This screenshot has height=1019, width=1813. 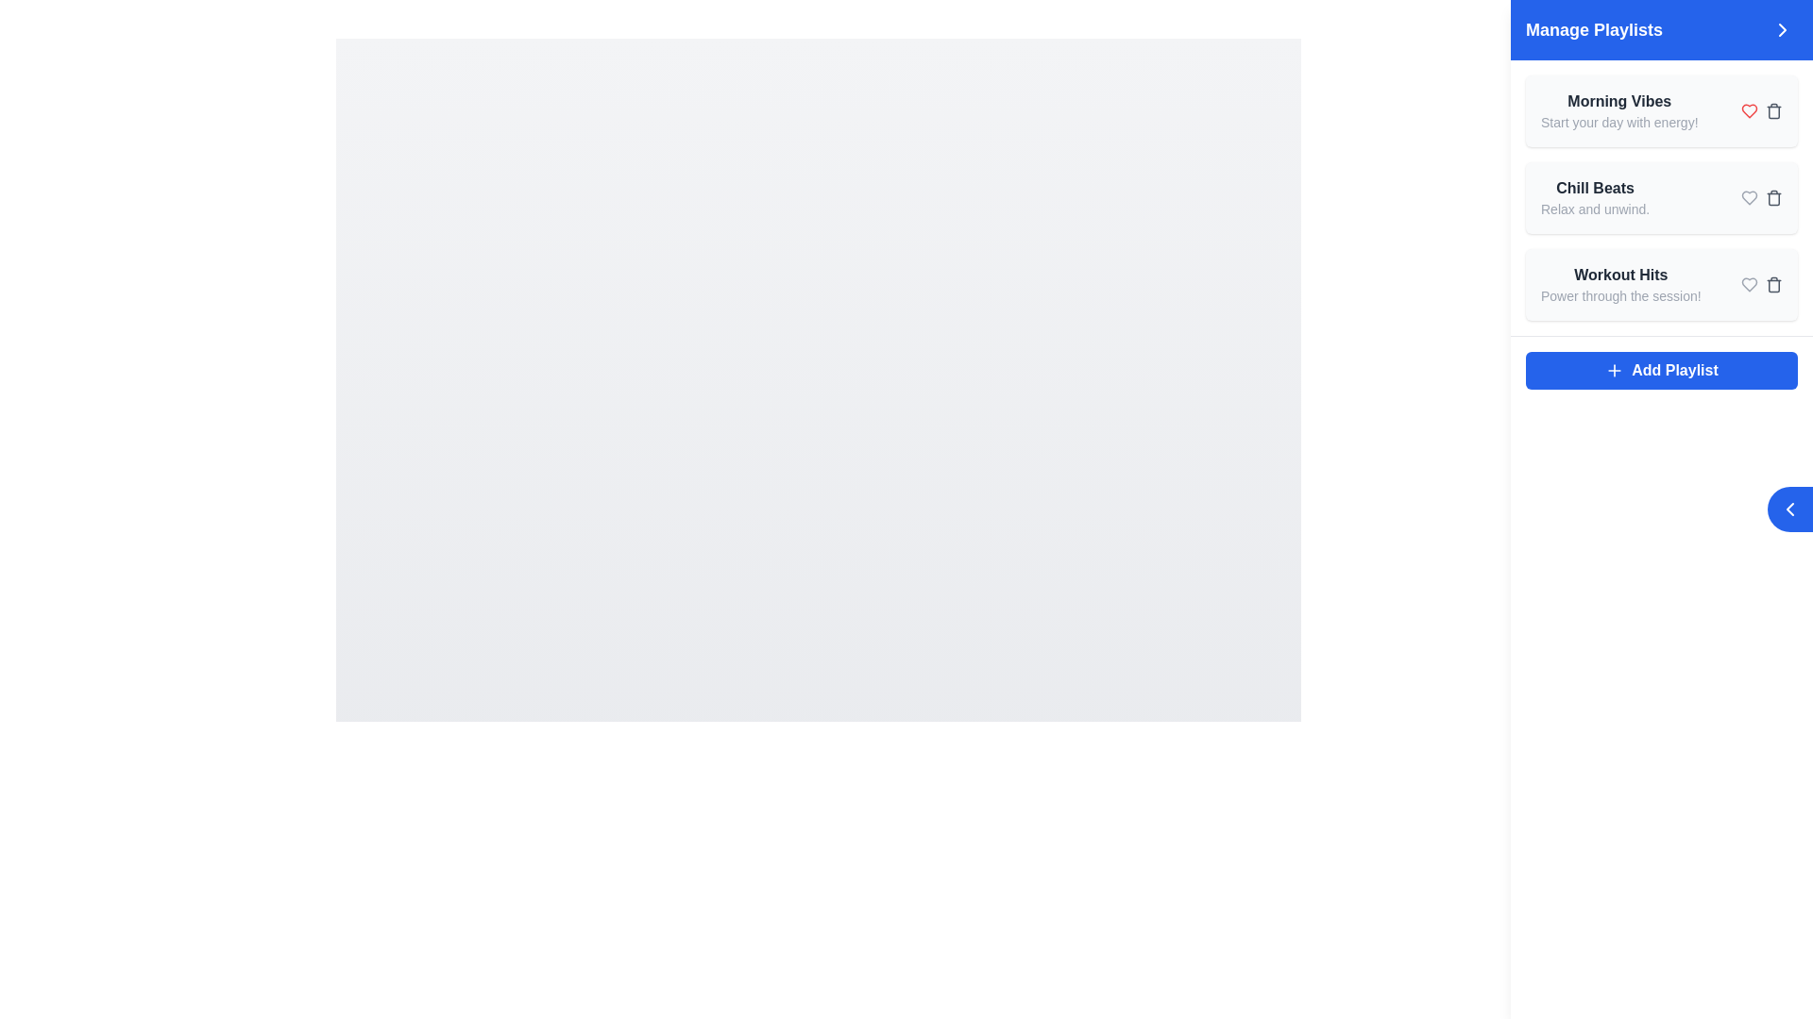 What do you see at coordinates (1781, 29) in the screenshot?
I see `the right-facing chevron arrow icon button located in the top-right corner of the 'Manage Playlists' section` at bounding box center [1781, 29].